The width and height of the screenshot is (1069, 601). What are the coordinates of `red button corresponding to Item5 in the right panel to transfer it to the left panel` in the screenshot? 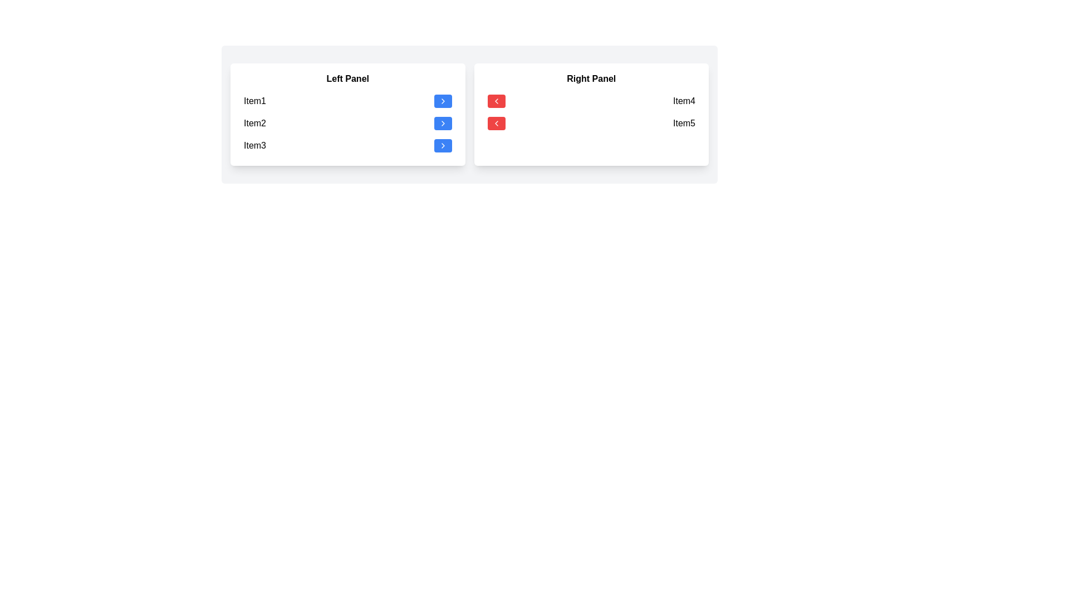 It's located at (496, 124).